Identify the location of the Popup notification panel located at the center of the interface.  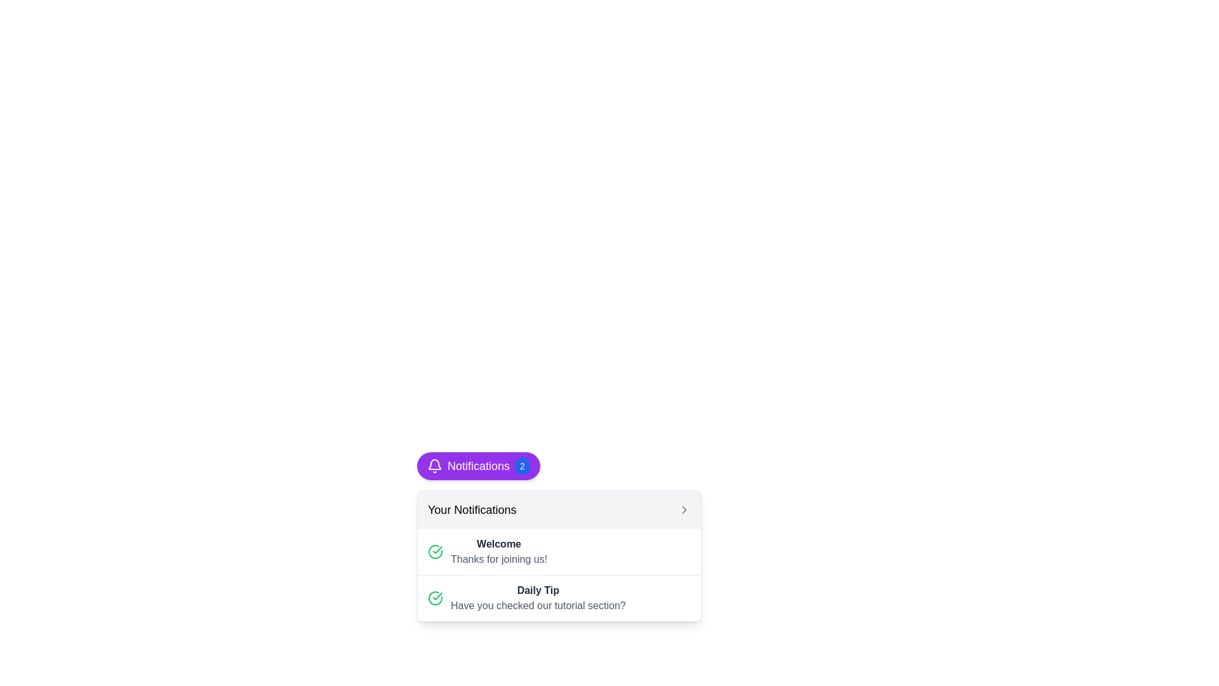
(559, 536).